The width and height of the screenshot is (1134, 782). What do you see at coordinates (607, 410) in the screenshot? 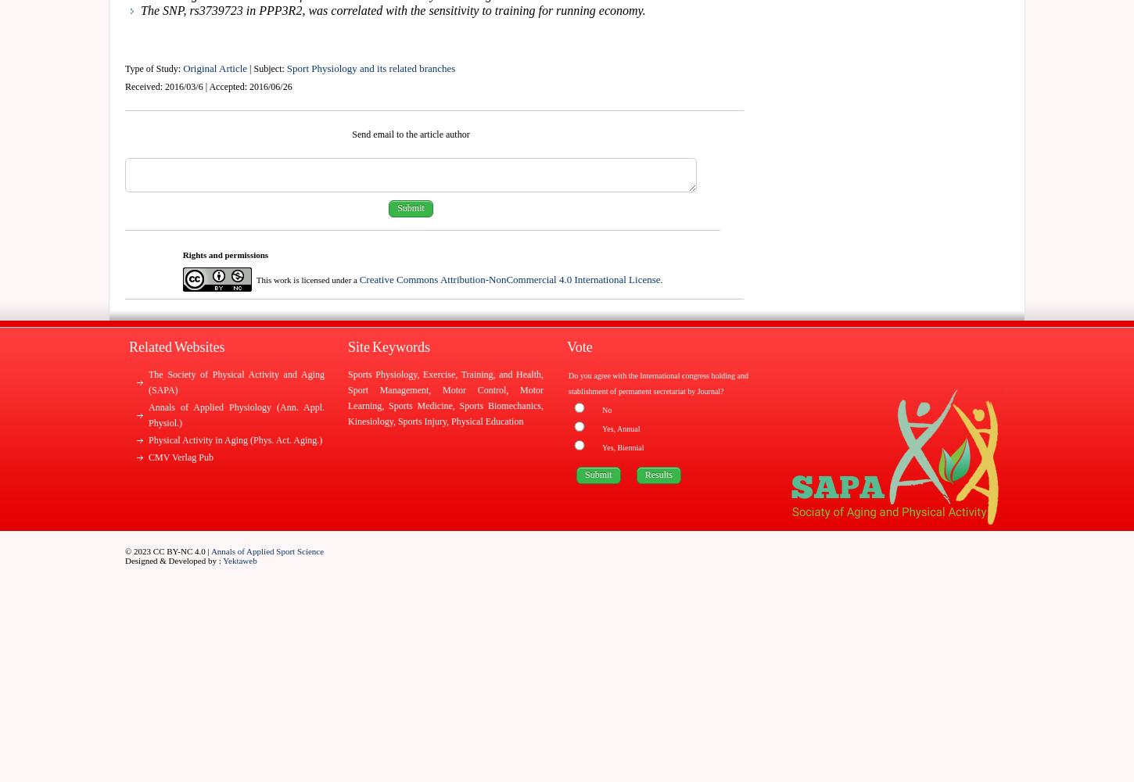
I see `'No'` at bounding box center [607, 410].